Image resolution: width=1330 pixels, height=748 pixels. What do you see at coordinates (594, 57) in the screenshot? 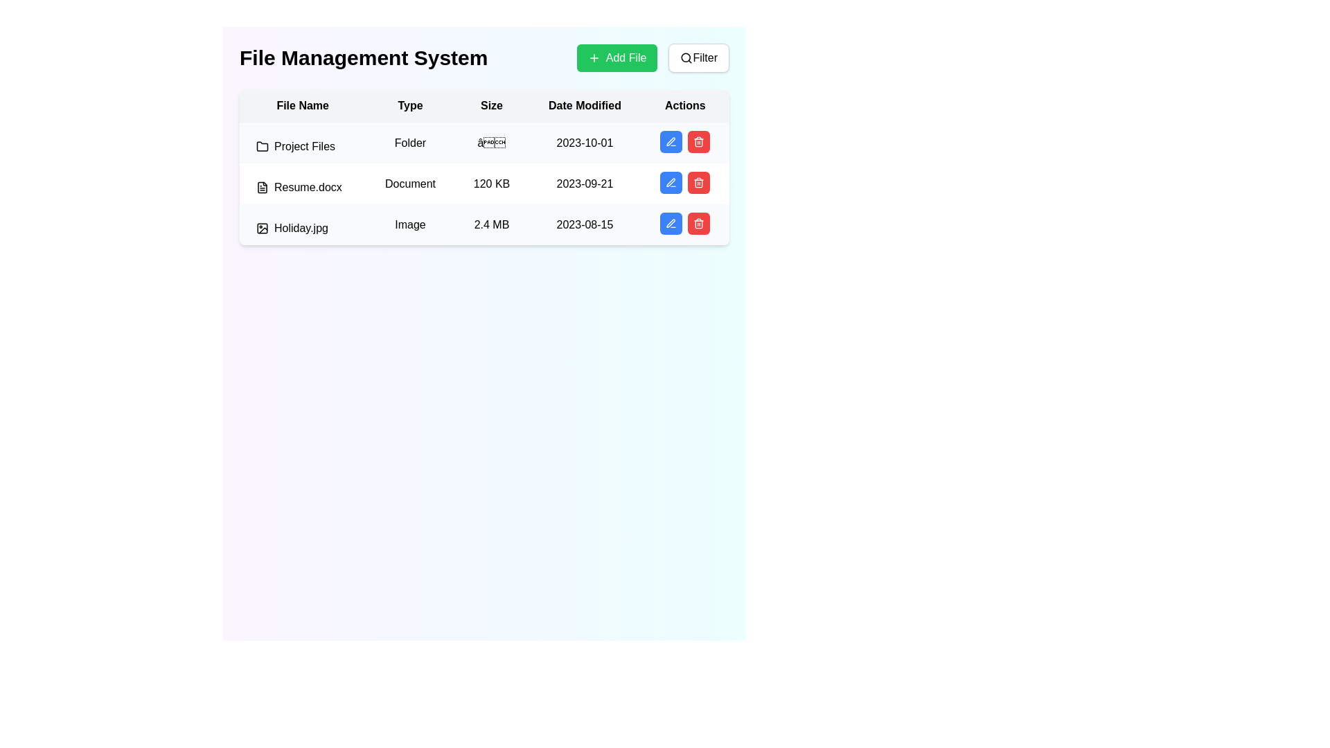
I see `the plus-shaped icon with thin lines on the green 'Add File' button located in the header, next to the 'Filter' button` at bounding box center [594, 57].